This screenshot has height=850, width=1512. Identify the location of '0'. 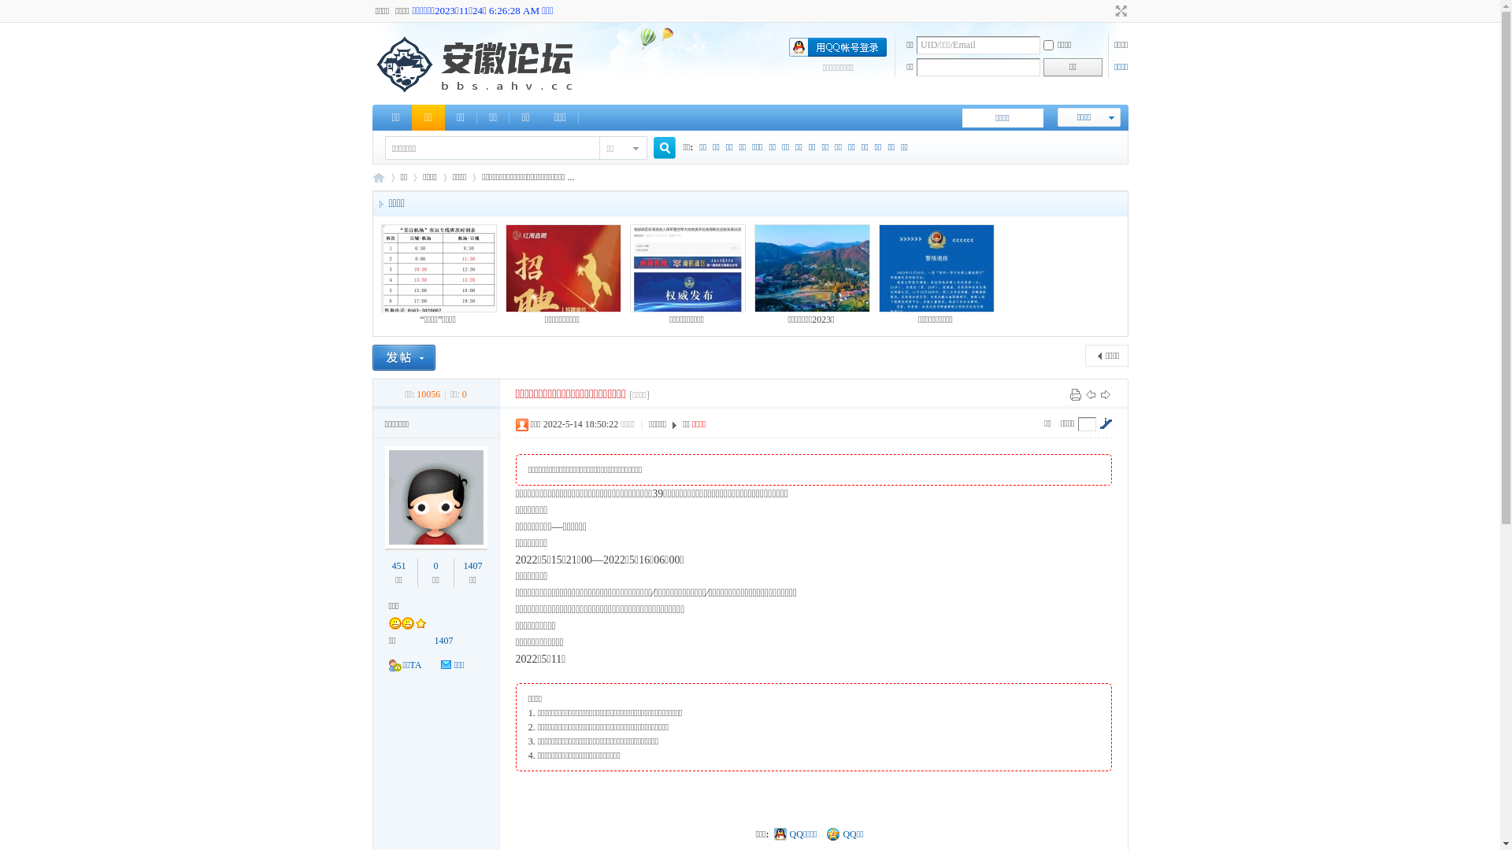
(433, 564).